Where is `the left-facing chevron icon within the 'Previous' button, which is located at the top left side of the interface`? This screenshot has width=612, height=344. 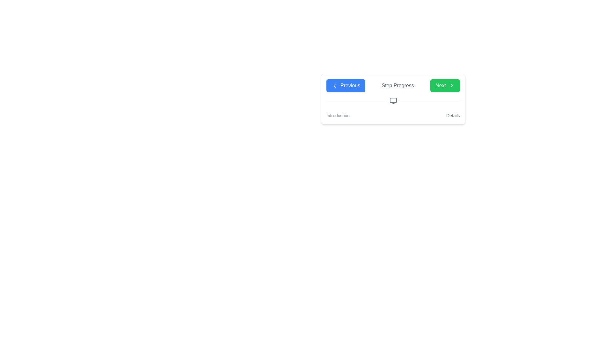
the left-facing chevron icon within the 'Previous' button, which is located at the top left side of the interface is located at coordinates (334, 85).